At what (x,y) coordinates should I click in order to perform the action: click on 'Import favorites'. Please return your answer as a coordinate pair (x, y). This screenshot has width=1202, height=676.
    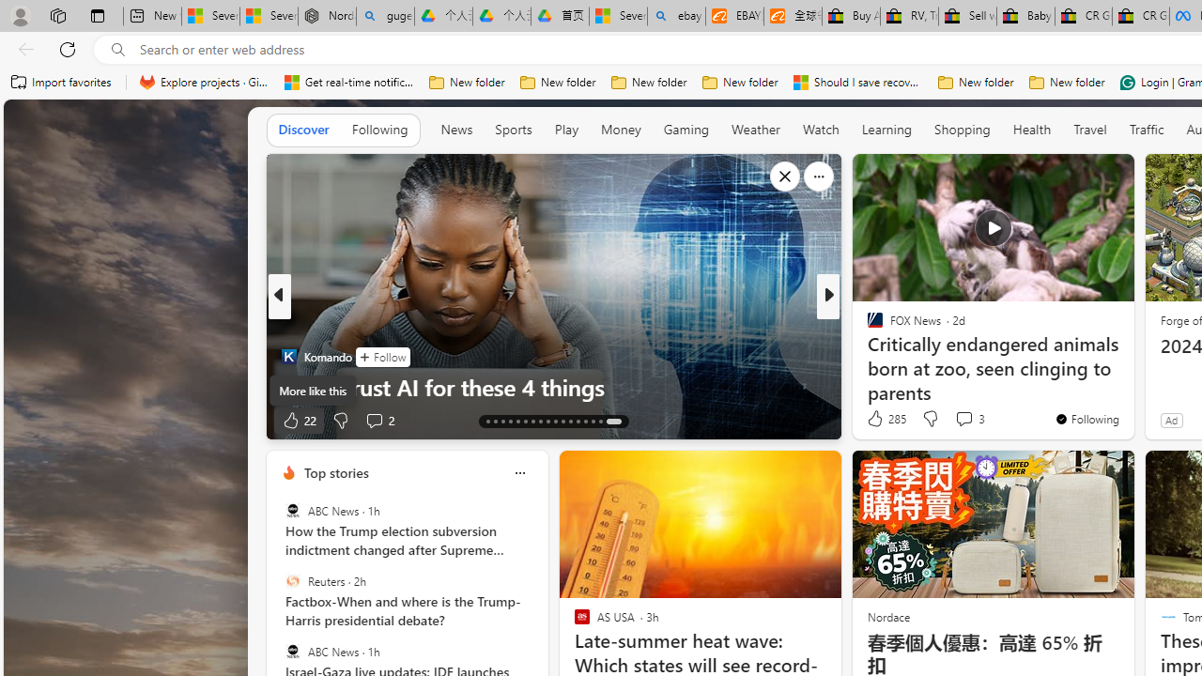
    Looking at the image, I should click on (61, 82).